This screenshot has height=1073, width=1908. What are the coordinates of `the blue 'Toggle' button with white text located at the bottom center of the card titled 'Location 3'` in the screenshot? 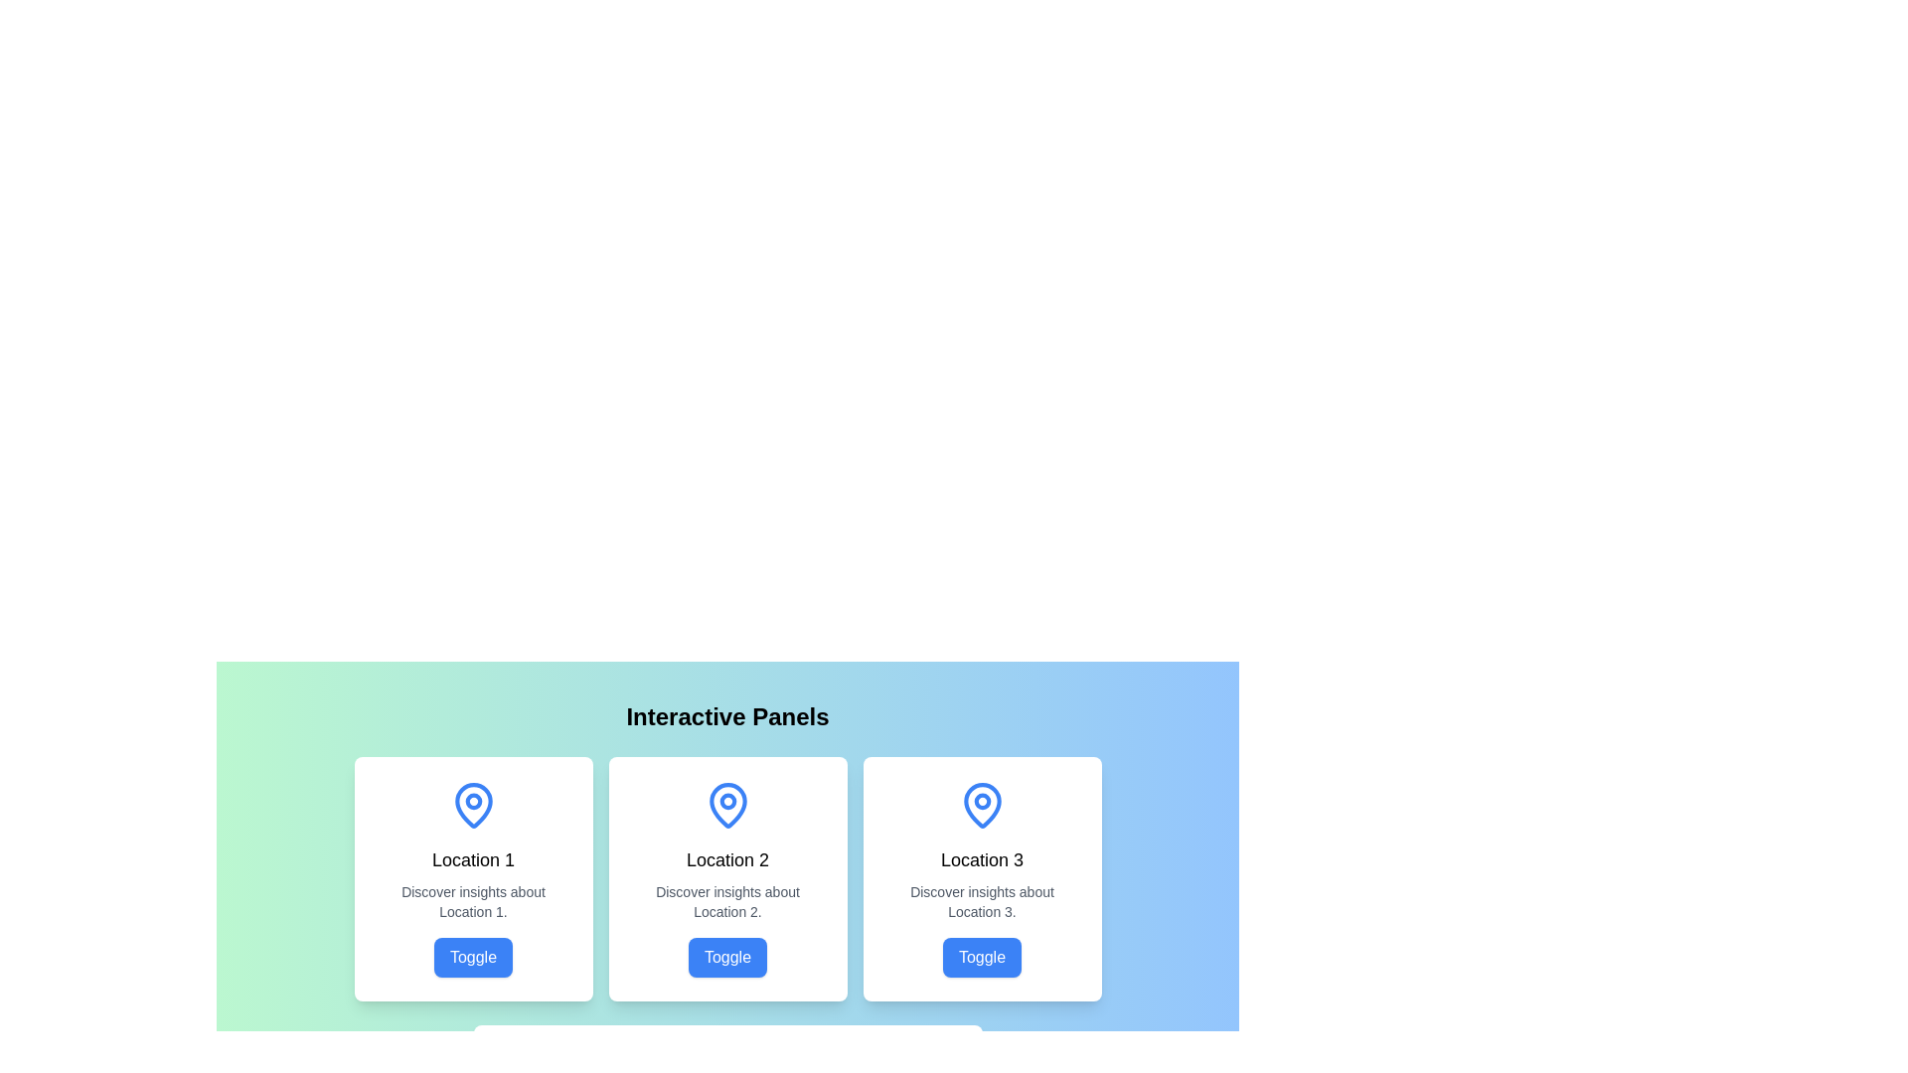 It's located at (982, 957).